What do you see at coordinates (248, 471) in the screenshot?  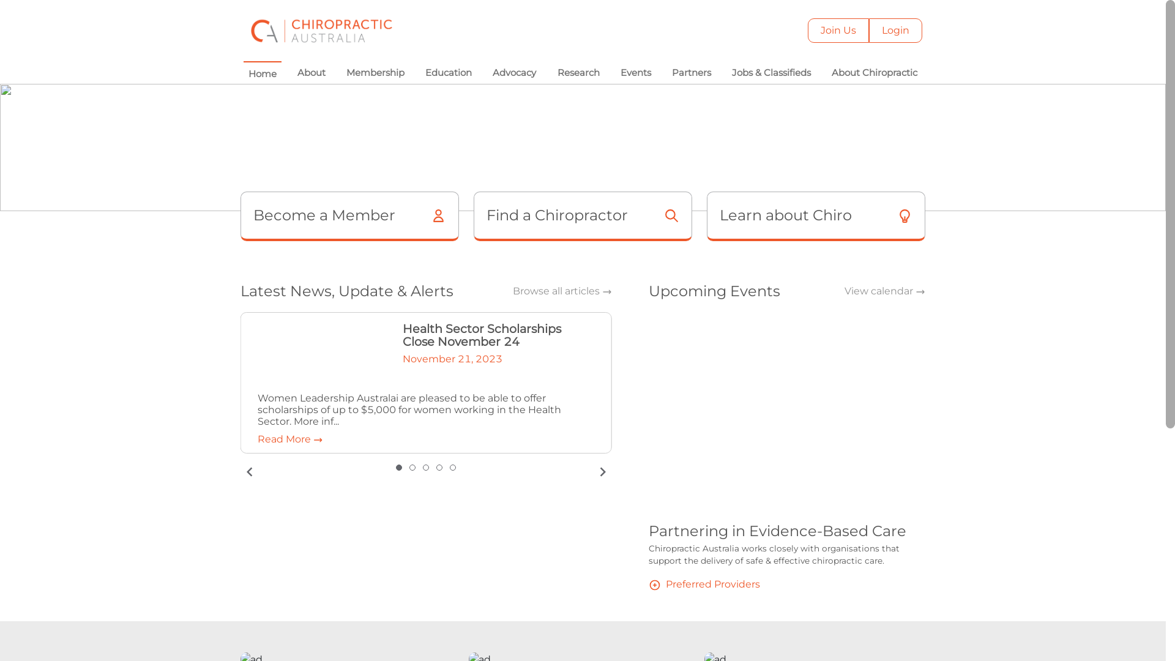 I see `'previous slide / item'` at bounding box center [248, 471].